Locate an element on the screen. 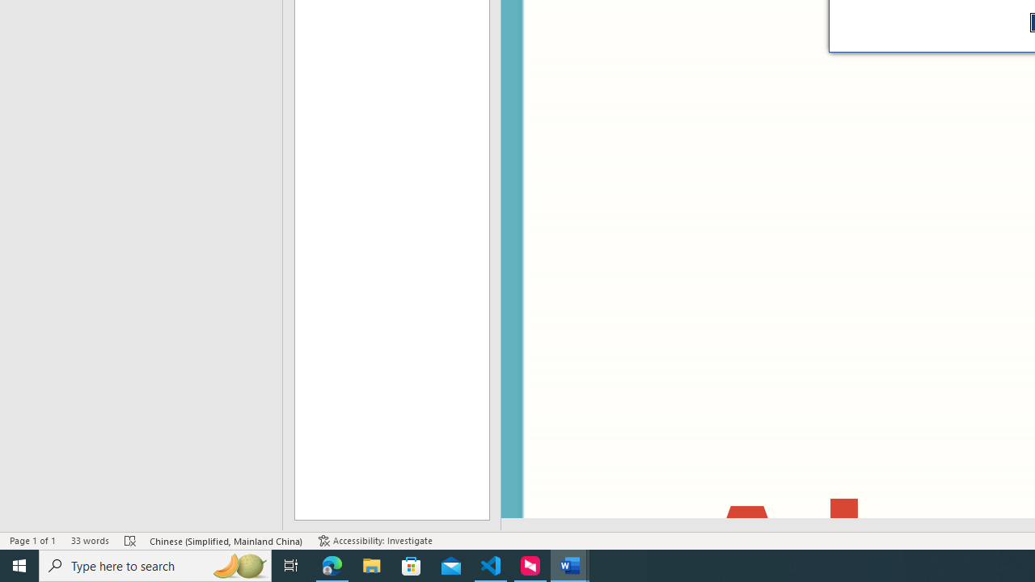 This screenshot has height=582, width=1035. 'Language Chinese (Simplified, Mainland China)' is located at coordinates (226, 541).